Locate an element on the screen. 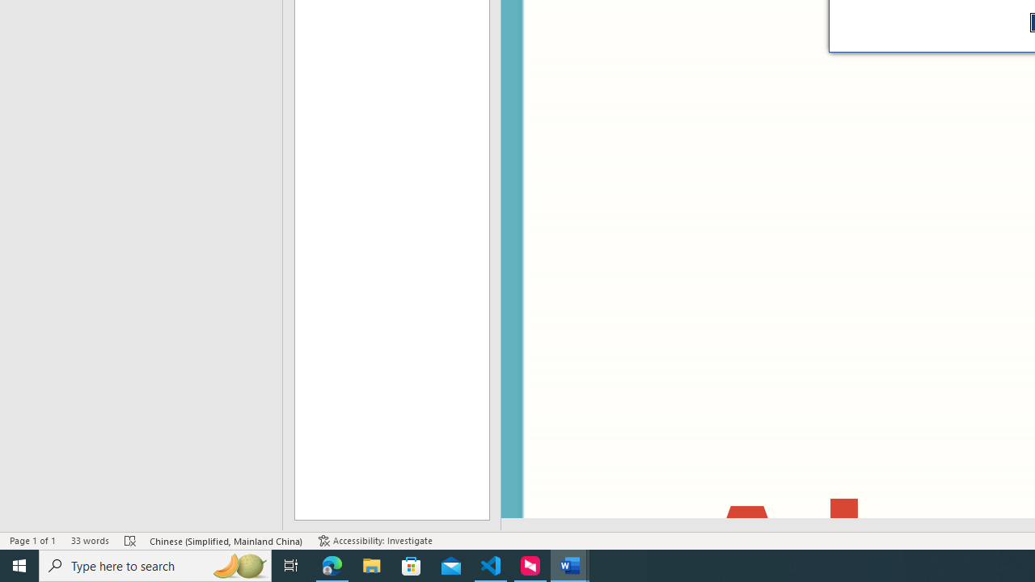 This screenshot has height=582, width=1035. 'Language Chinese (Simplified, Mainland China)' is located at coordinates (226, 541).